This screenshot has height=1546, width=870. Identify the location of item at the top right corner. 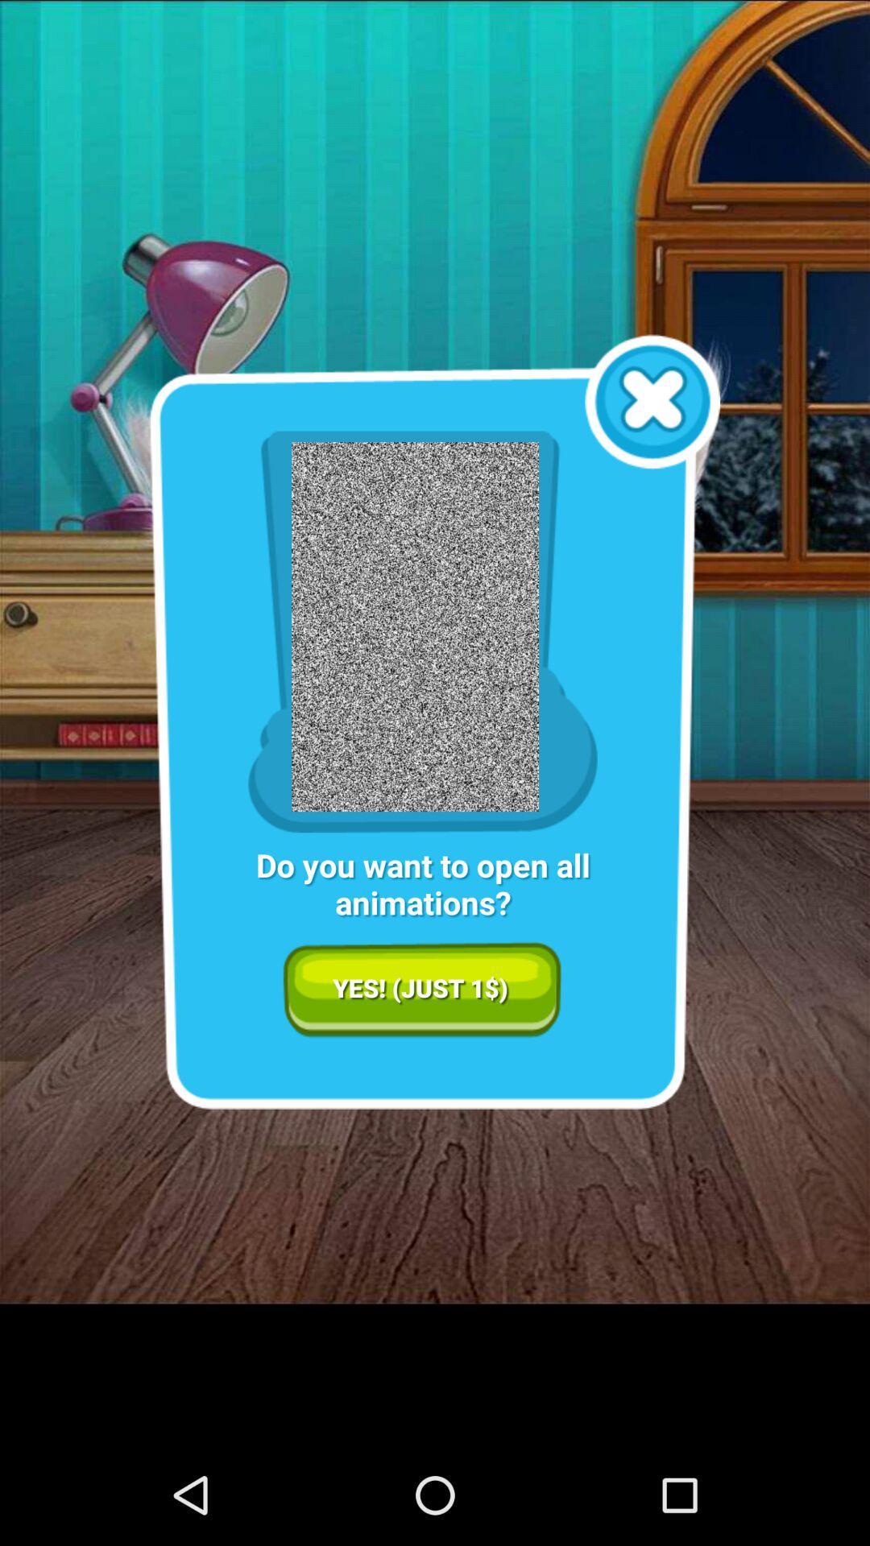
(652, 402).